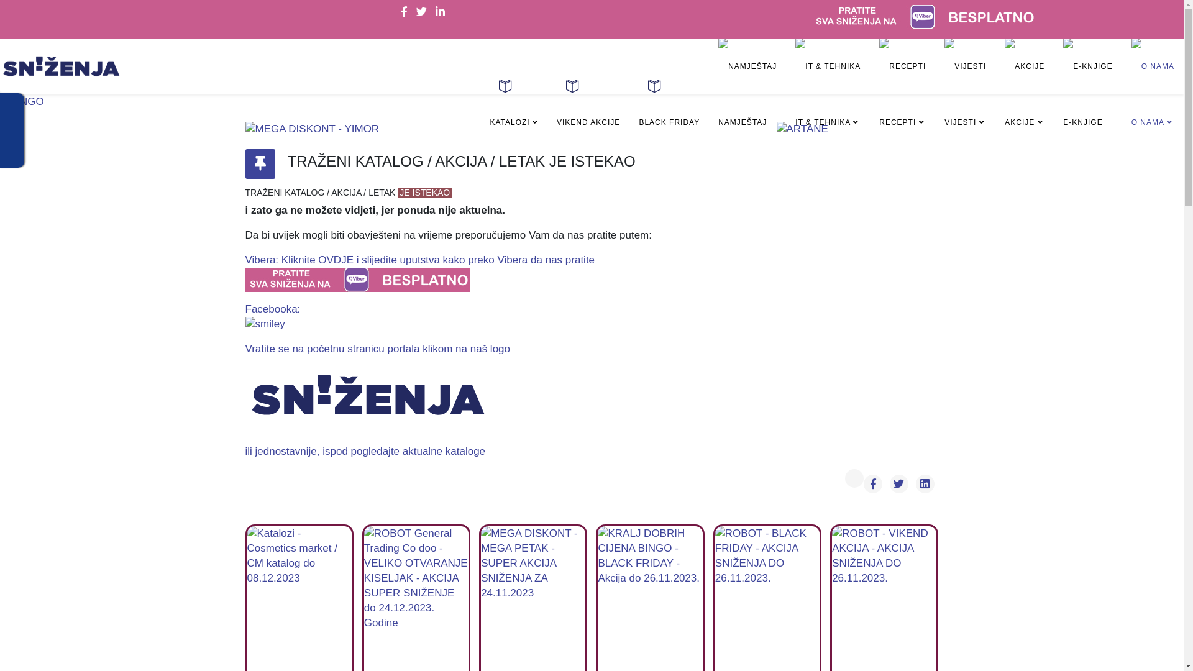  Describe the element at coordinates (902, 93) in the screenshot. I see `'RECEPTI'` at that location.